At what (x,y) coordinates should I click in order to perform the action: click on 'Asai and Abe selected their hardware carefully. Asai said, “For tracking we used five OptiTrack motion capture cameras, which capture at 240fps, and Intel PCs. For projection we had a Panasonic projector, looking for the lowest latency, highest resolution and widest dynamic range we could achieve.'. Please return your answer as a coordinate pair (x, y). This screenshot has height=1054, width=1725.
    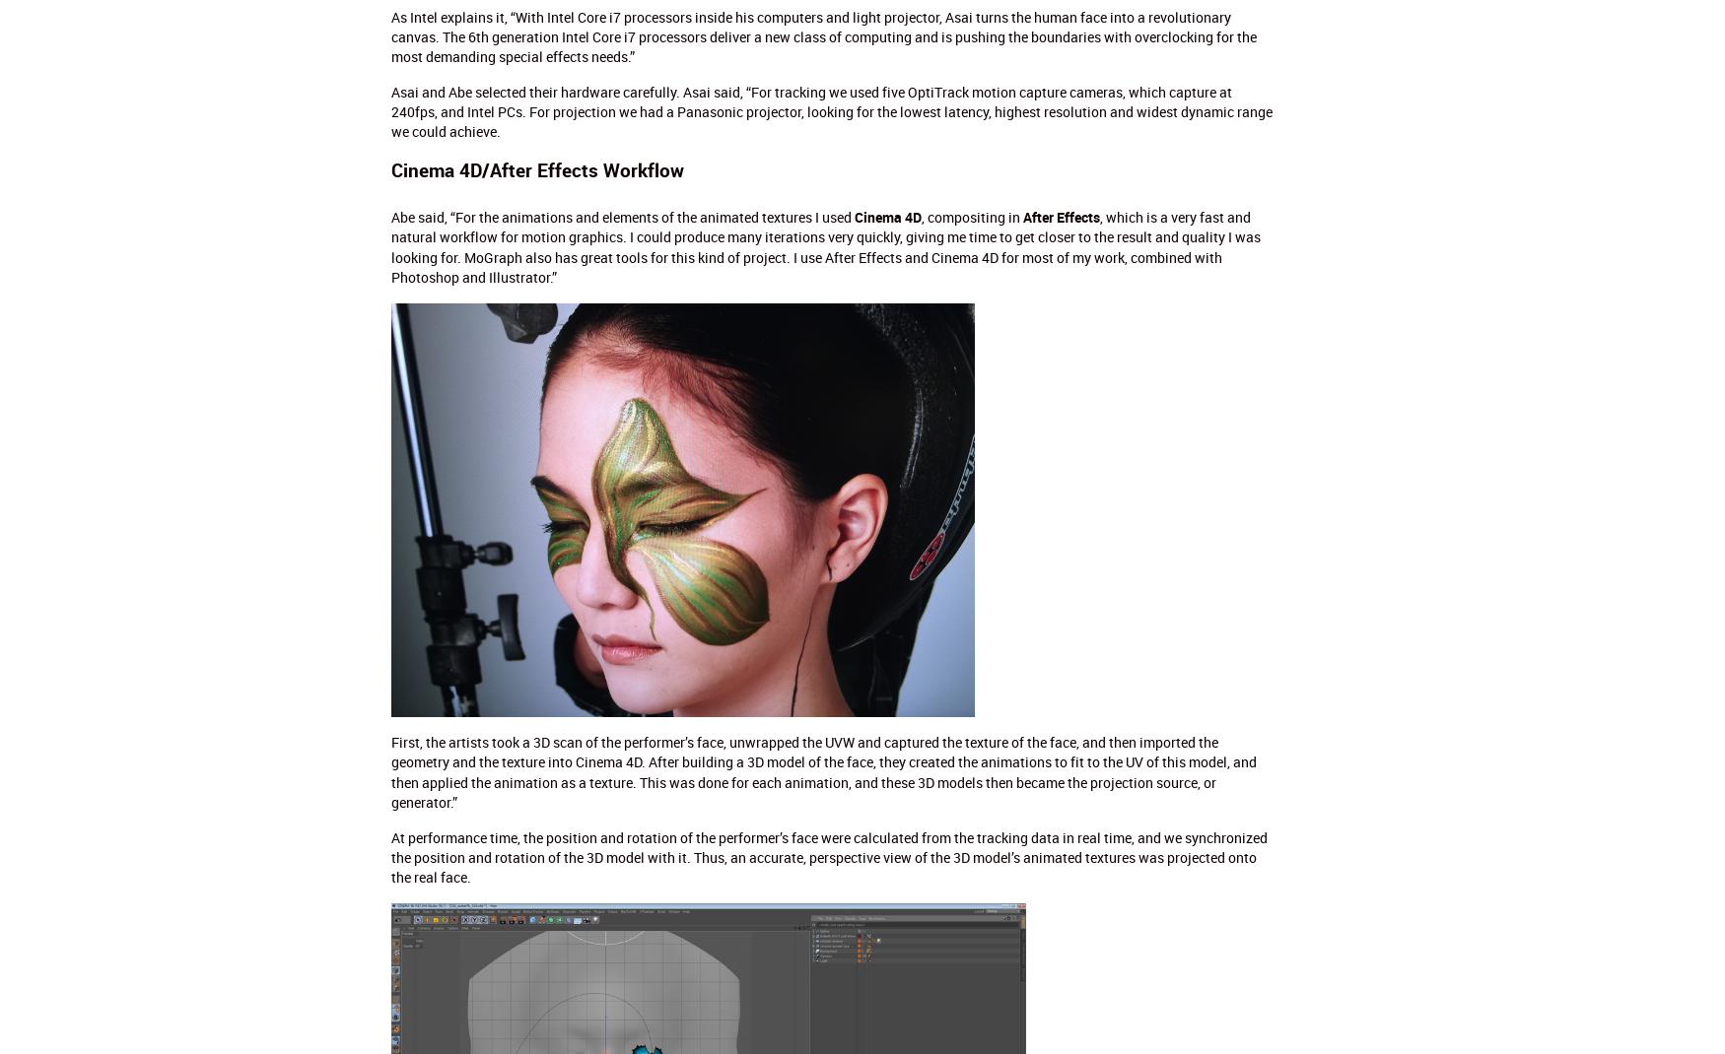
    Looking at the image, I should click on (830, 110).